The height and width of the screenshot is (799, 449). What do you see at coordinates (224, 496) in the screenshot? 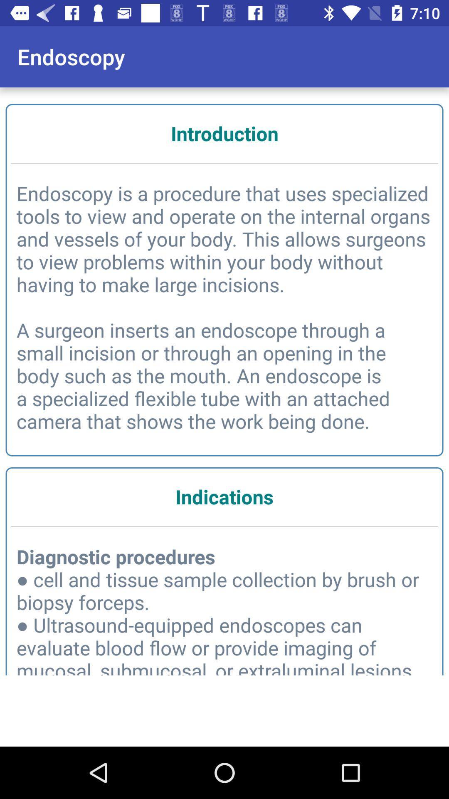
I see `the indications` at bounding box center [224, 496].